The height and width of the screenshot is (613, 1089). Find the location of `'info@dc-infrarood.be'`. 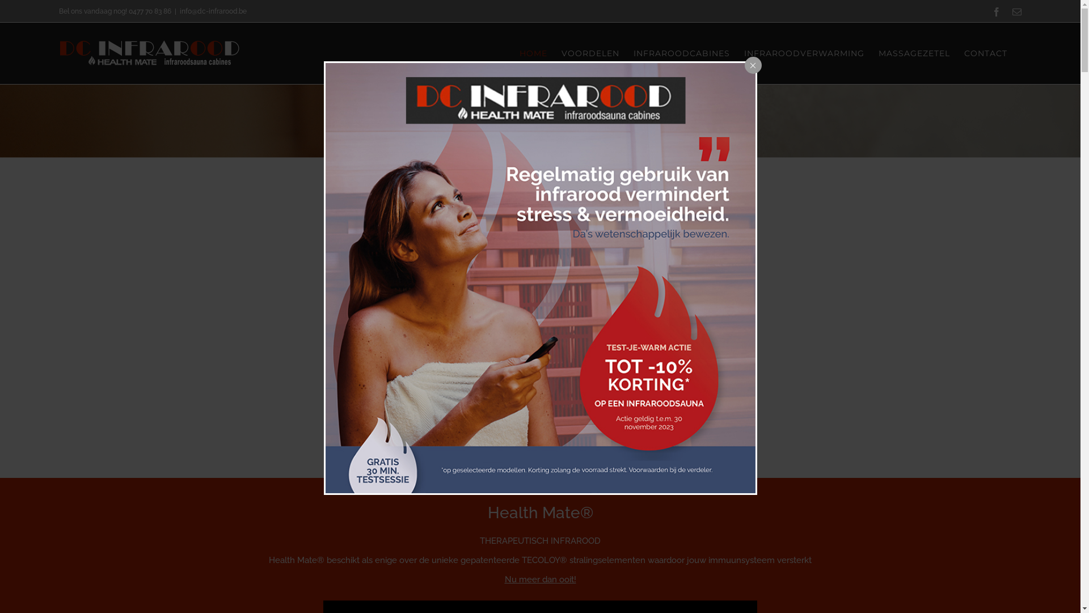

'info@dc-infrarood.be' is located at coordinates (213, 11).